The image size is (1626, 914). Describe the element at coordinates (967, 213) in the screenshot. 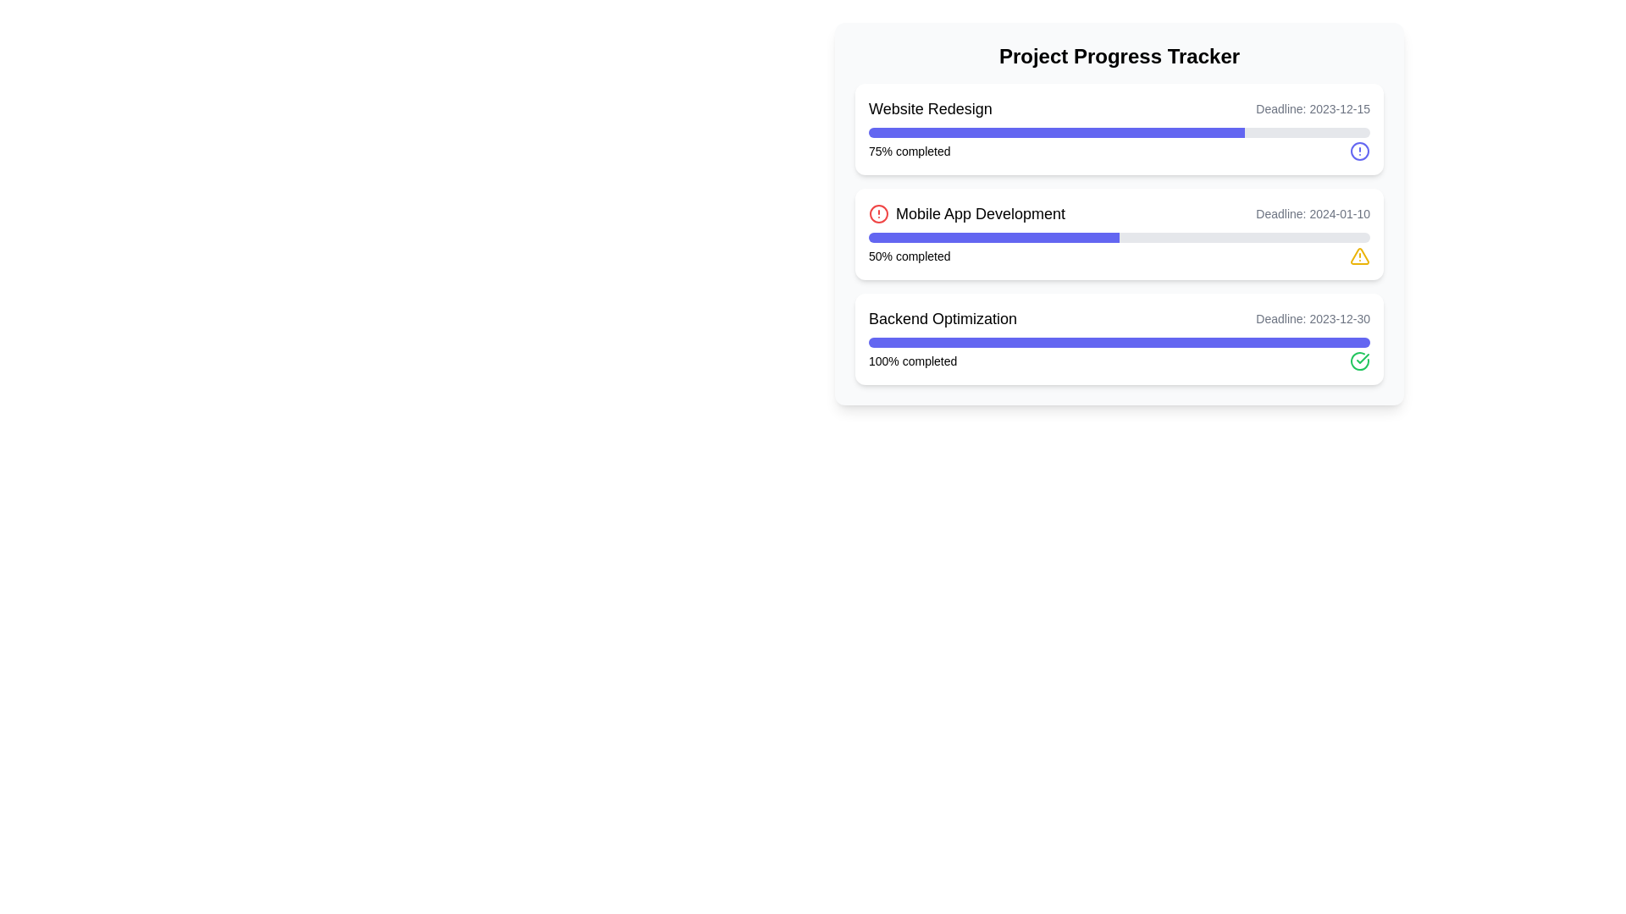

I see `the TextLabel displaying 'Mobile App Development' which includes an alert icon on its left, located within a task progress section` at that location.